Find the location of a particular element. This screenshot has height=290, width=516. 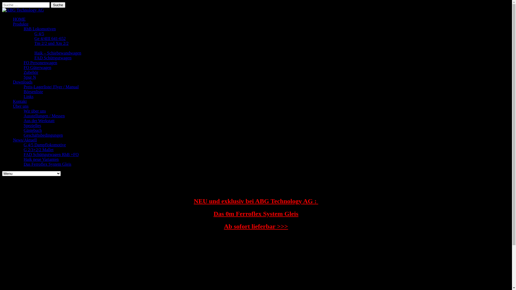

'RhB Lokomotiven' is located at coordinates (23, 29).